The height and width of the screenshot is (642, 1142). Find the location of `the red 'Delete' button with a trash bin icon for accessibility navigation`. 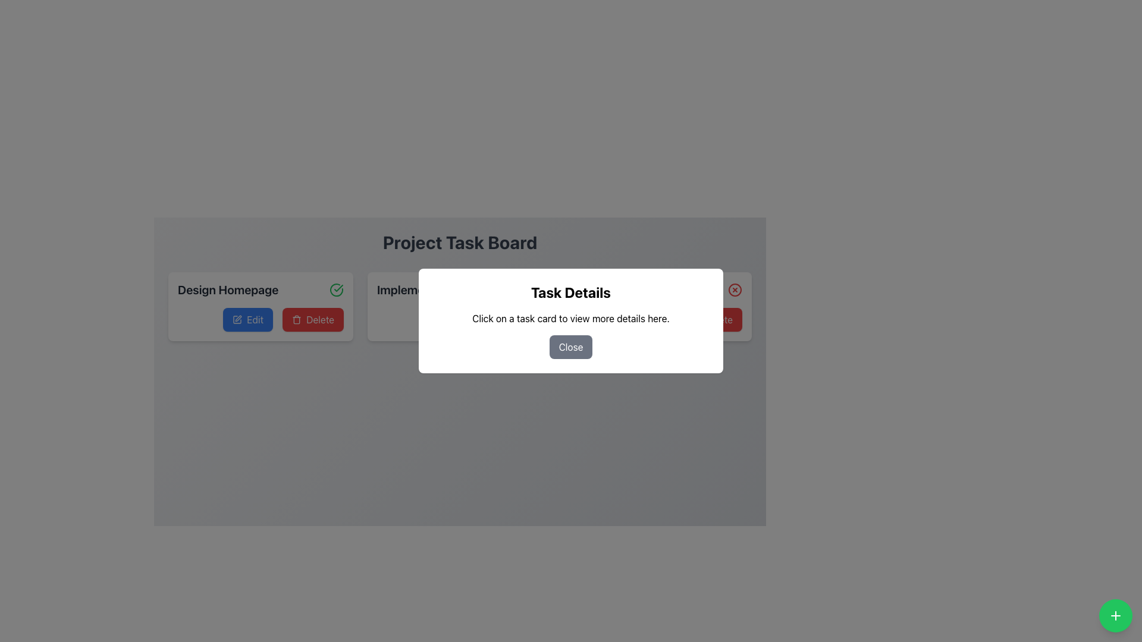

the red 'Delete' button with a trash bin icon for accessibility navigation is located at coordinates (313, 319).